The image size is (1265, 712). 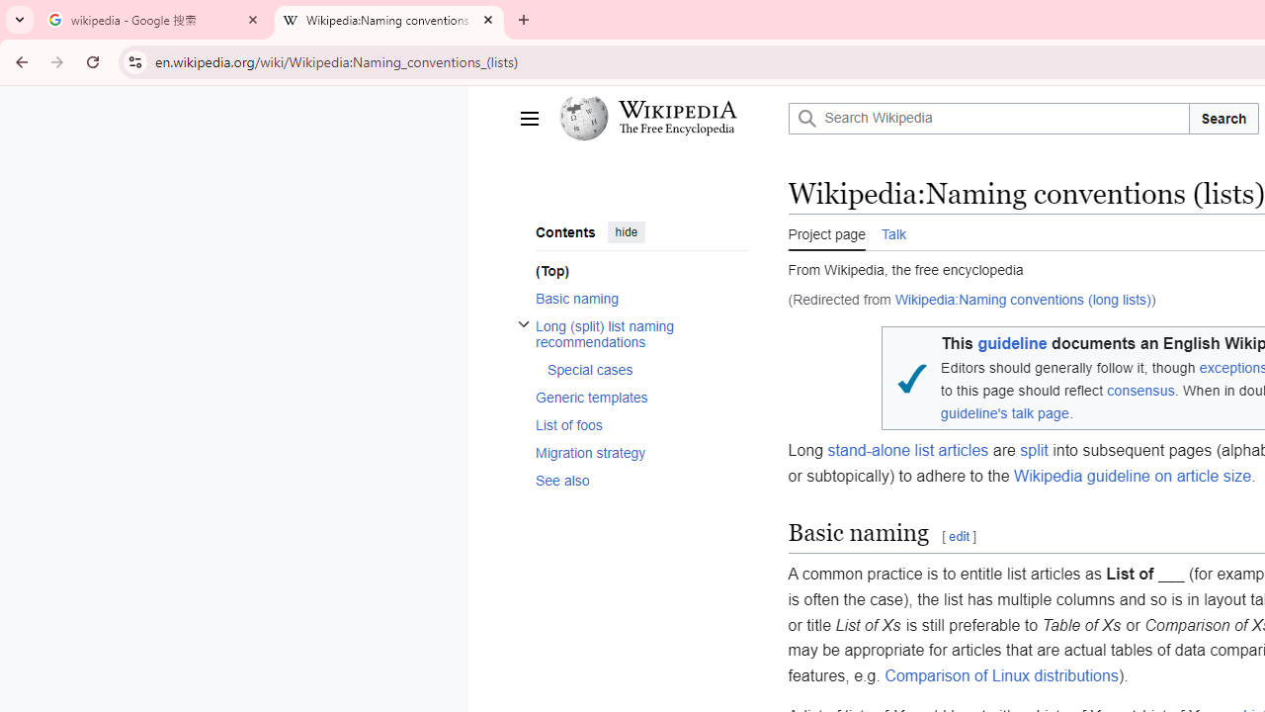 I want to click on 'AutomationID: toc-Generic_templates', so click(x=635, y=397).